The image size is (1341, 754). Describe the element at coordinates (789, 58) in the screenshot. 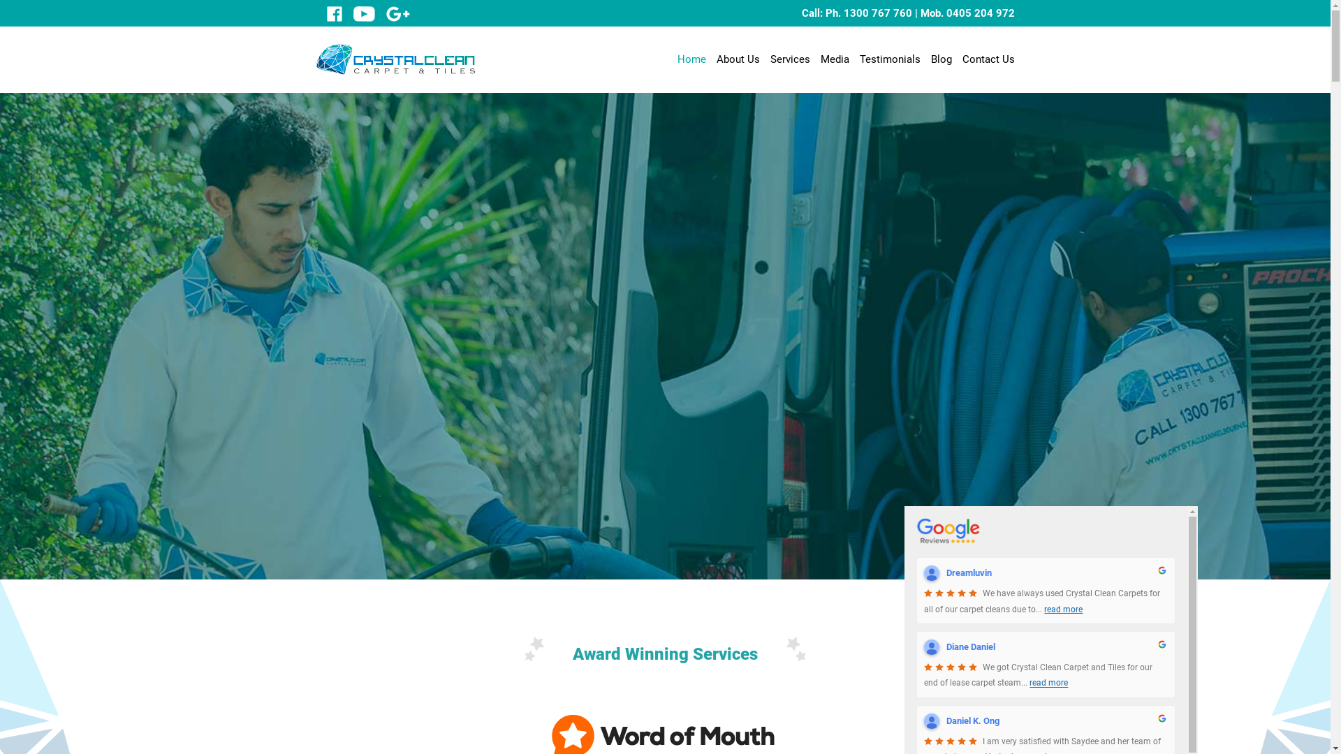

I see `'Services'` at that location.